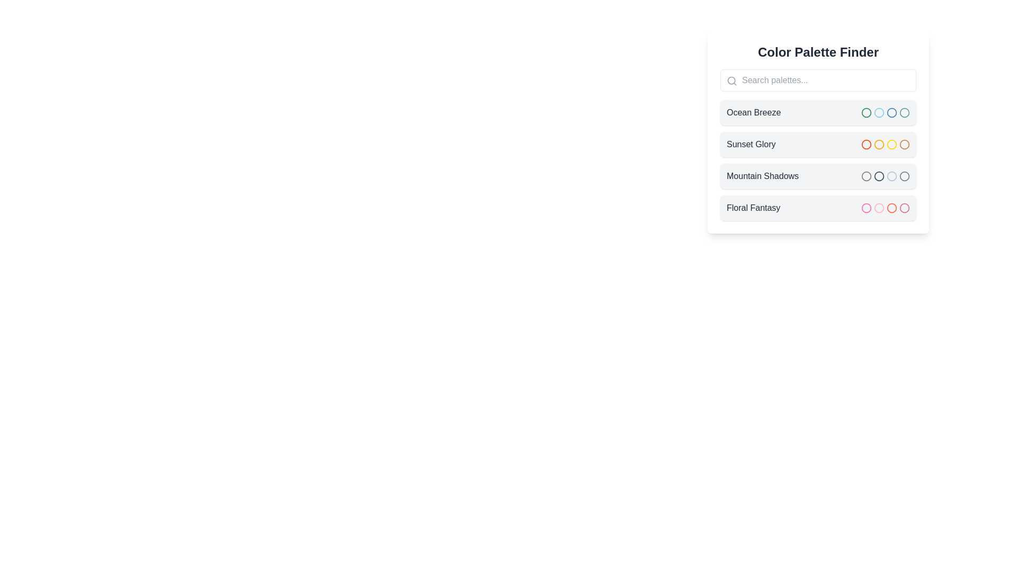 This screenshot has width=1017, height=572. Describe the element at coordinates (867, 175) in the screenshot. I see `the first circle icon in the 'Mountain Shadows' palette row, which serves as a color preview or selector` at that location.